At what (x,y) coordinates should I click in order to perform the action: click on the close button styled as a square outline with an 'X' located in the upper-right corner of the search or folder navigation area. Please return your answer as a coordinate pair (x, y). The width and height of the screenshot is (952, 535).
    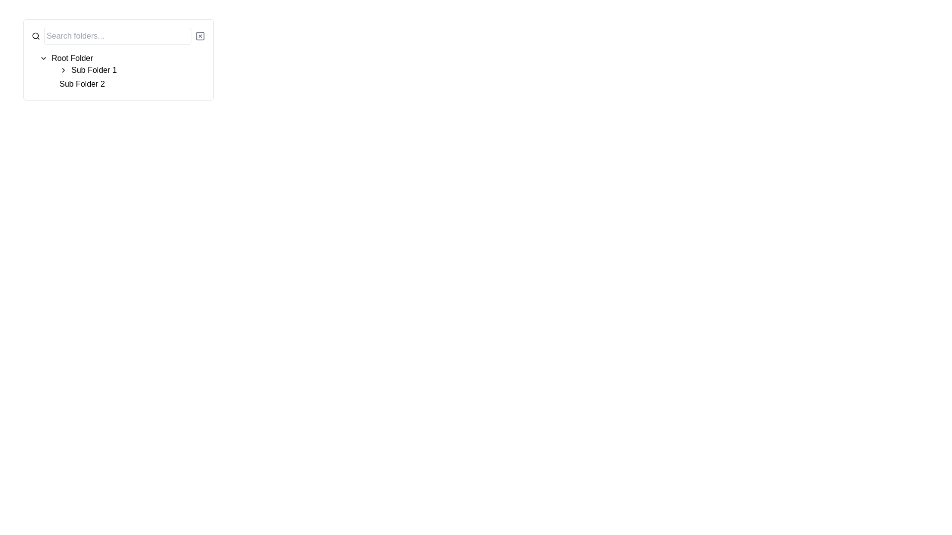
    Looking at the image, I should click on (199, 36).